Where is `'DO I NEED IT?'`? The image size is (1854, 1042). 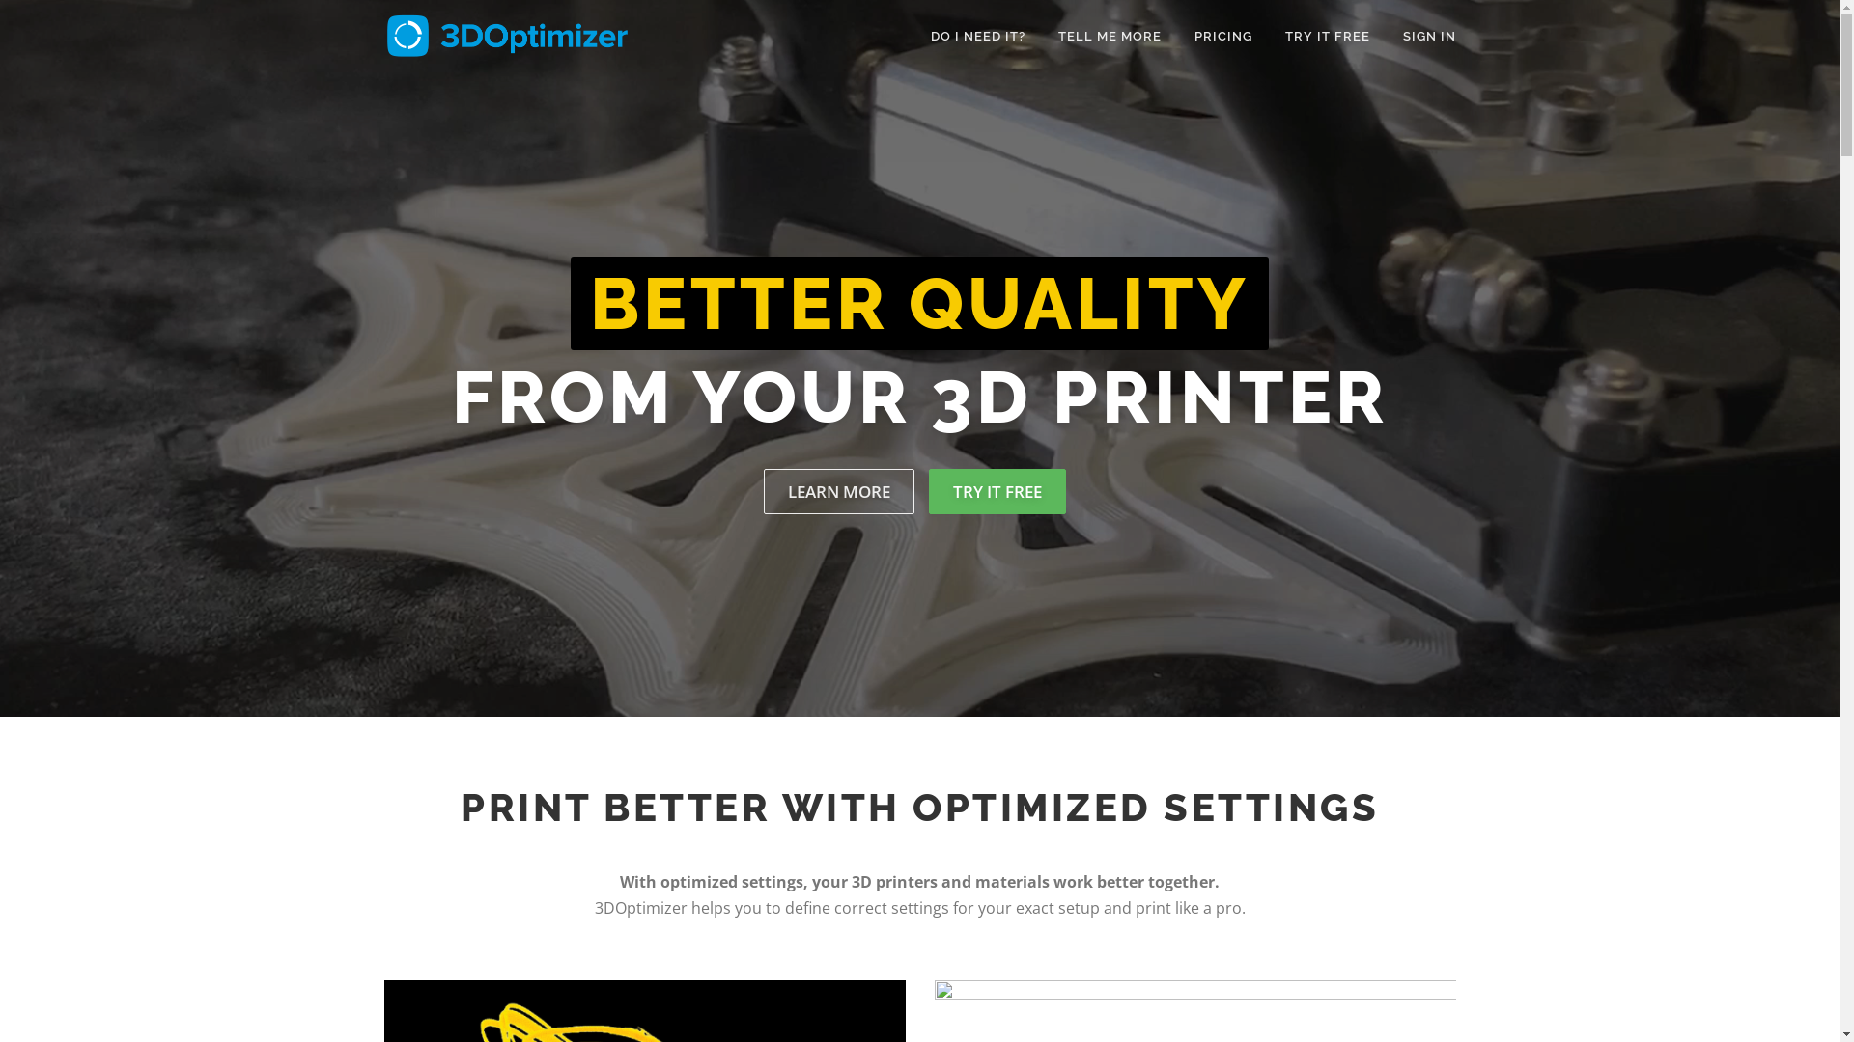
'DO I NEED IT?' is located at coordinates (977, 36).